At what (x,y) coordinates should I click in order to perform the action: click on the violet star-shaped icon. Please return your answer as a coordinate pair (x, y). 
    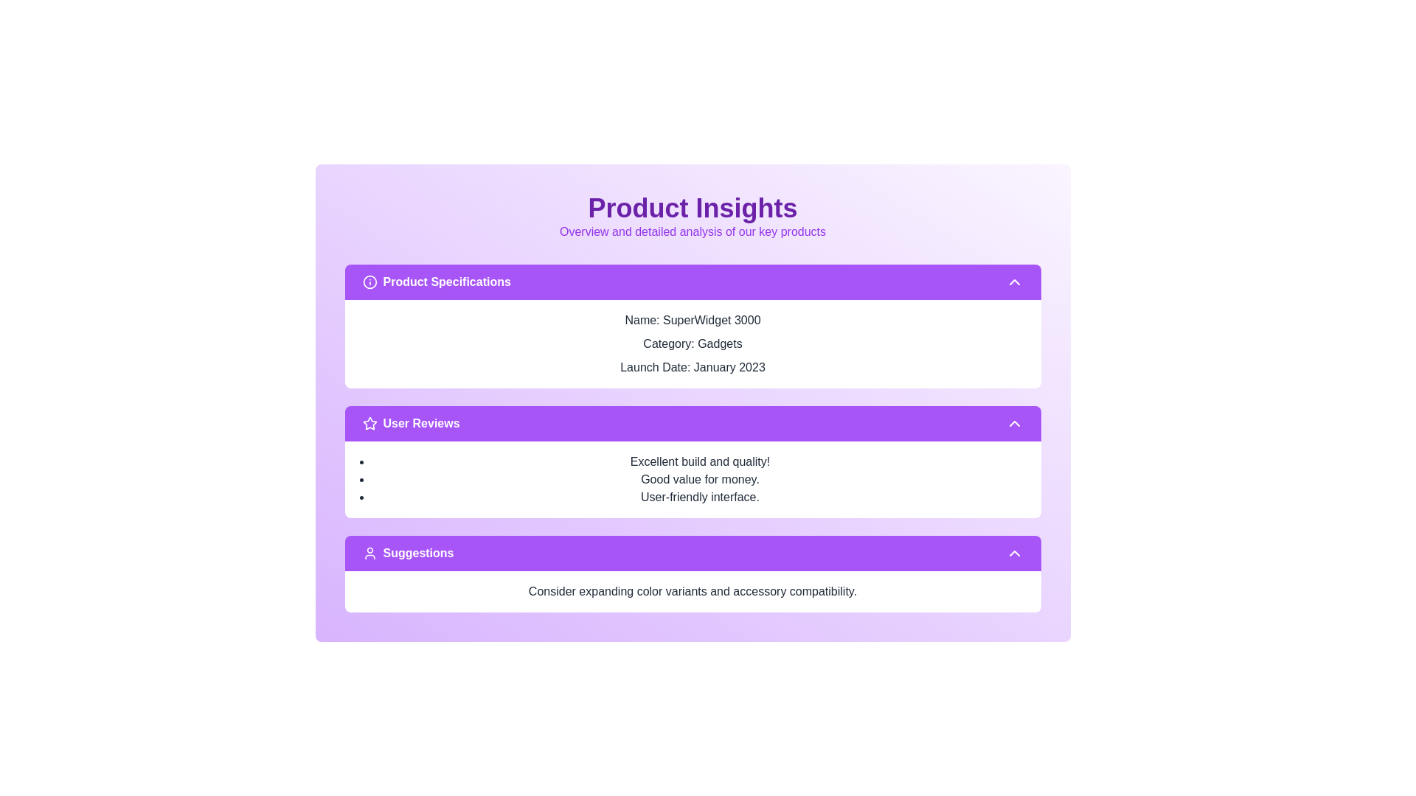
    Looking at the image, I should click on (369, 423).